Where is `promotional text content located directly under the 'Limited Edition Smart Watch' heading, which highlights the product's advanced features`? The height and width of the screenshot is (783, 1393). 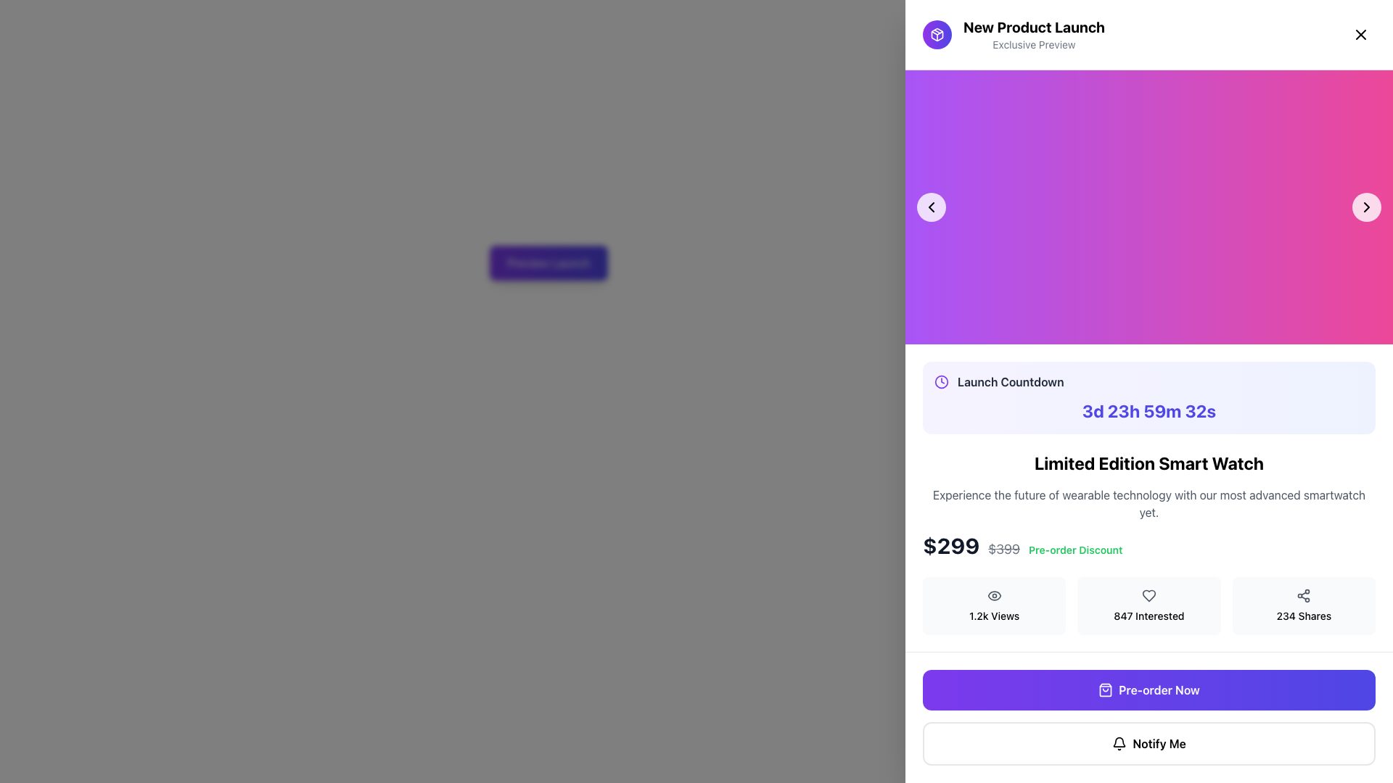
promotional text content located directly under the 'Limited Edition Smart Watch' heading, which highlights the product's advanced features is located at coordinates (1148, 502).